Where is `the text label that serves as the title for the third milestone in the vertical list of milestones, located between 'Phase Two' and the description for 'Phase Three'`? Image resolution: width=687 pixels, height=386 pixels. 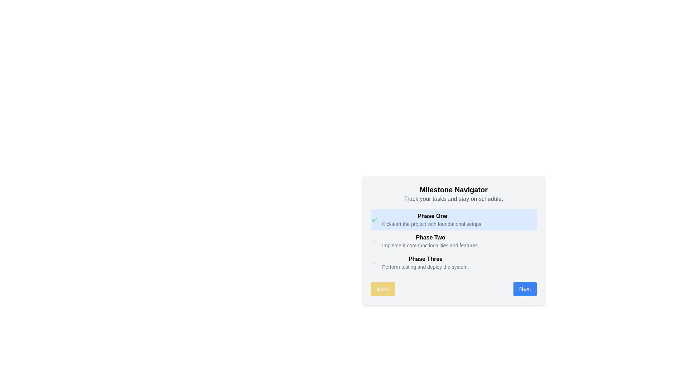 the text label that serves as the title for the third milestone in the vertical list of milestones, located between 'Phase Two' and the description for 'Phase Three' is located at coordinates (425, 259).